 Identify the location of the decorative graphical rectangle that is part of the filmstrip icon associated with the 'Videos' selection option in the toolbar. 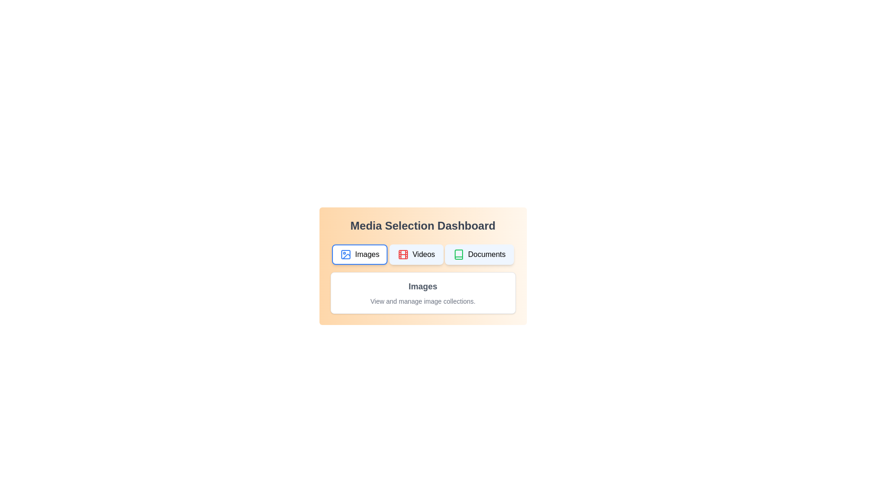
(403, 255).